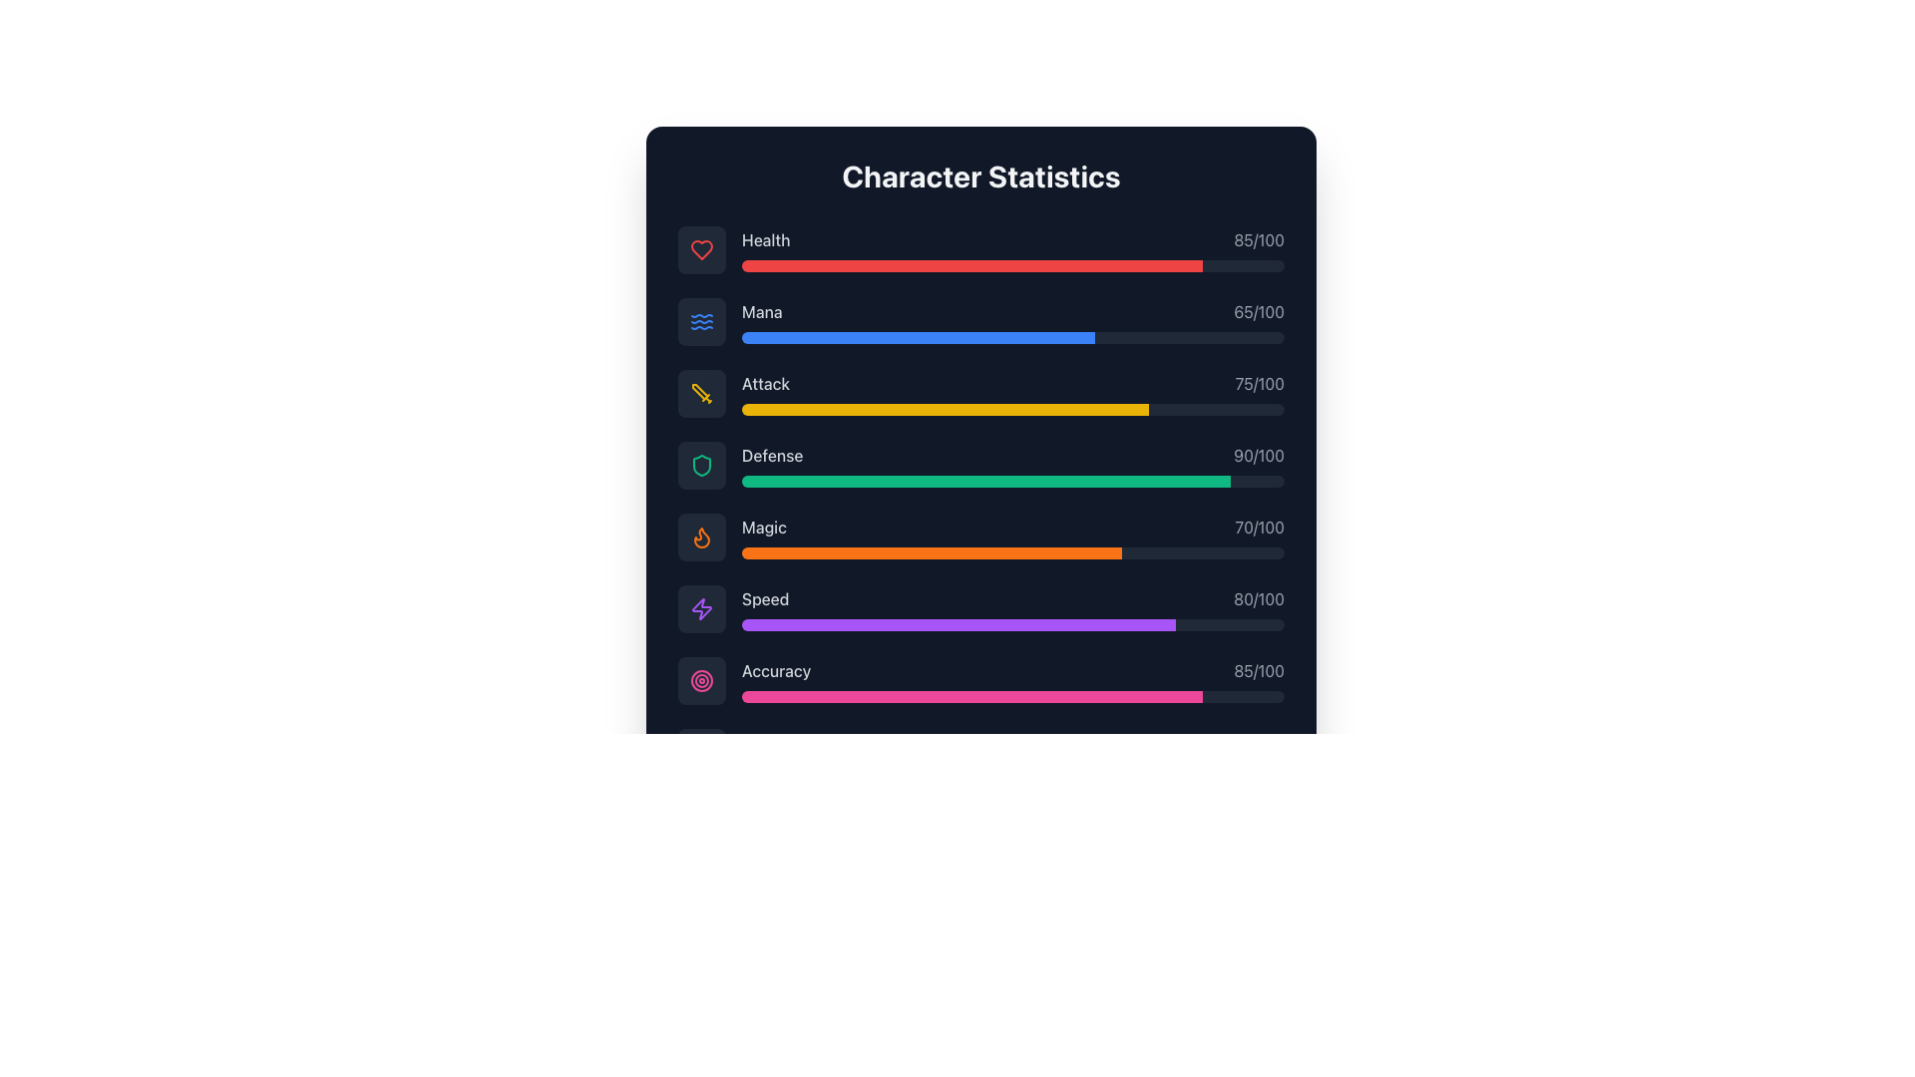  I want to click on the 'Magic' statistic icon located in the fifth row of the statistics panel, positioned directly to the left of the 'Magic' label, so click(702, 537).